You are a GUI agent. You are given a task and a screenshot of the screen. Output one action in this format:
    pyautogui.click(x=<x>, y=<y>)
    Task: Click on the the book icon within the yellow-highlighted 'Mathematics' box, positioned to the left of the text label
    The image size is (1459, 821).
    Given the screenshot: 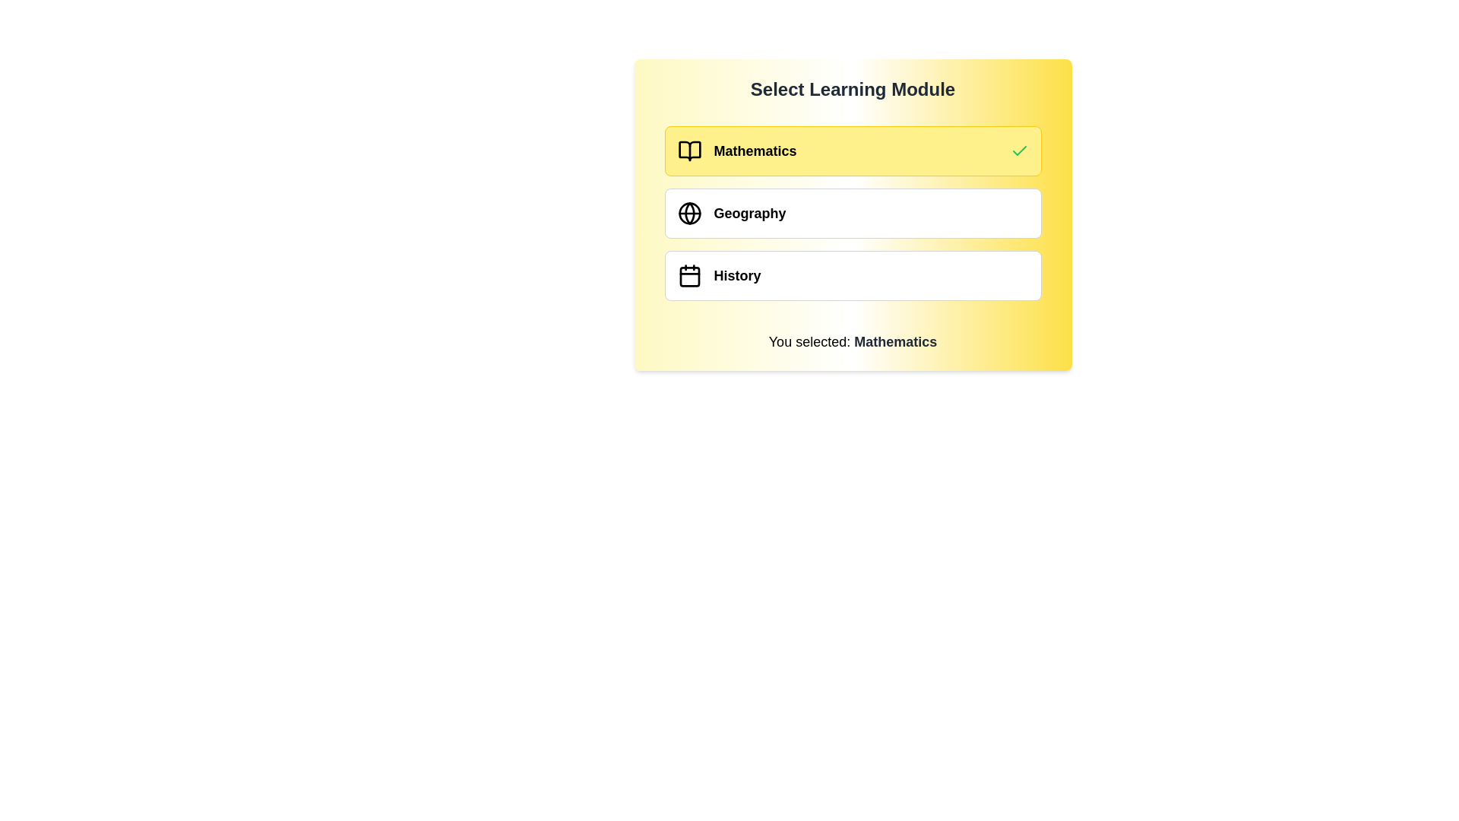 What is the action you would take?
    pyautogui.click(x=688, y=151)
    